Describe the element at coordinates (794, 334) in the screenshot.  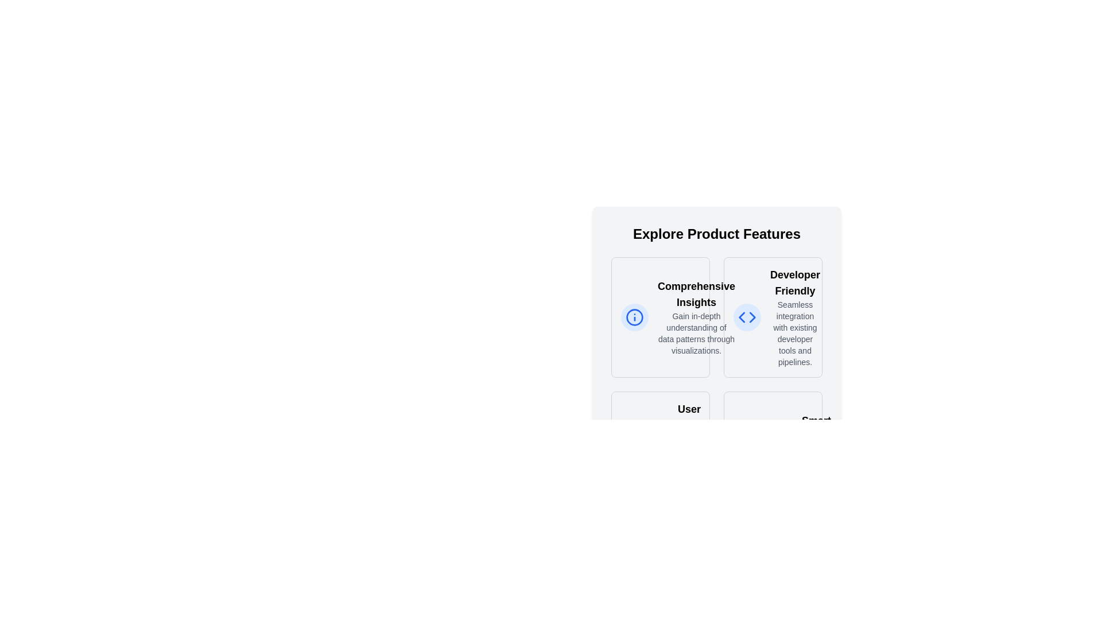
I see `static text providing descriptive information related to the 'Developer Friendly' feature, located beneath the 'Developer Friendly' text within a card in the rightmost column` at that location.